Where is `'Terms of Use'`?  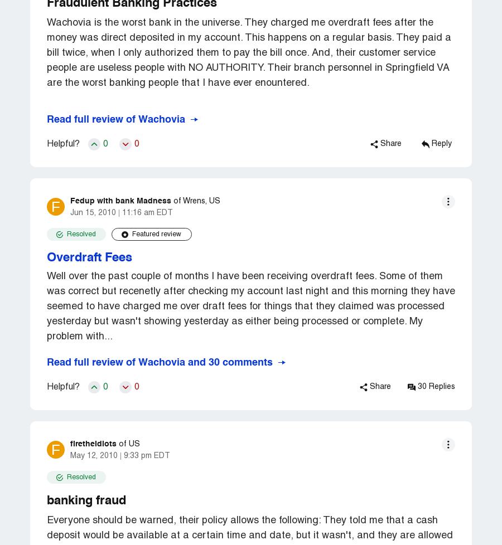
'Terms of Use' is located at coordinates (470, 471).